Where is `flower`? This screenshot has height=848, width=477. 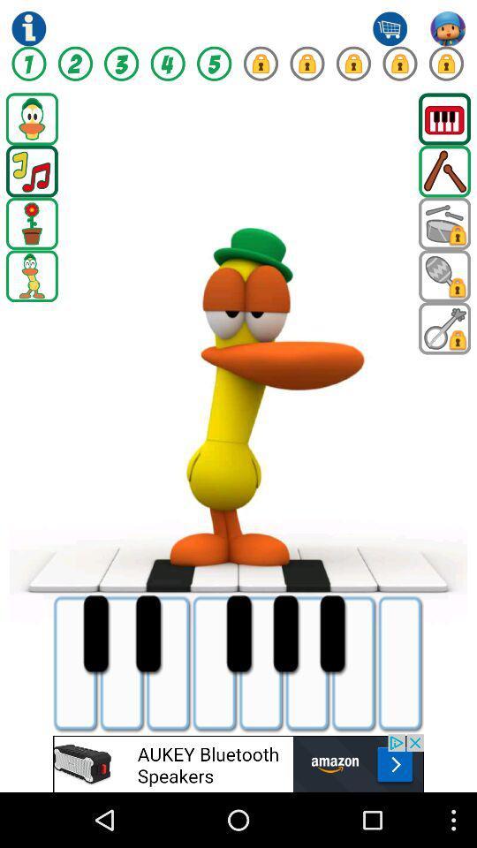 flower is located at coordinates (32, 223).